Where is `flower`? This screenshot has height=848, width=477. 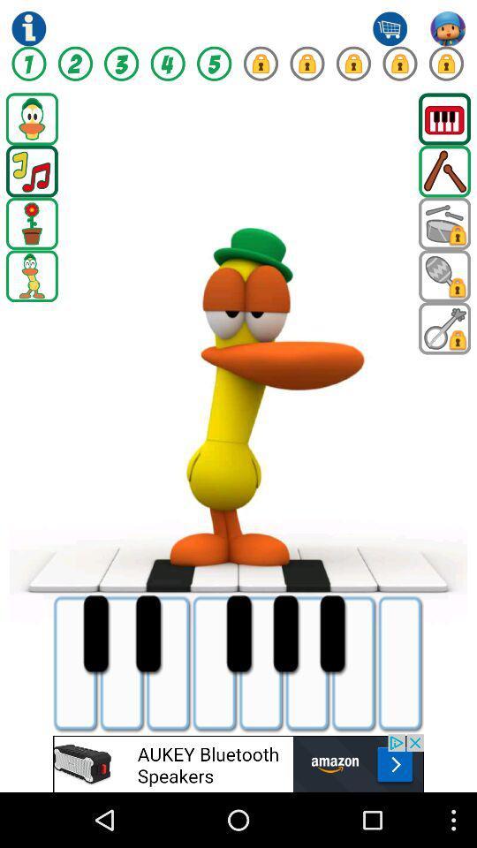 flower is located at coordinates (32, 223).